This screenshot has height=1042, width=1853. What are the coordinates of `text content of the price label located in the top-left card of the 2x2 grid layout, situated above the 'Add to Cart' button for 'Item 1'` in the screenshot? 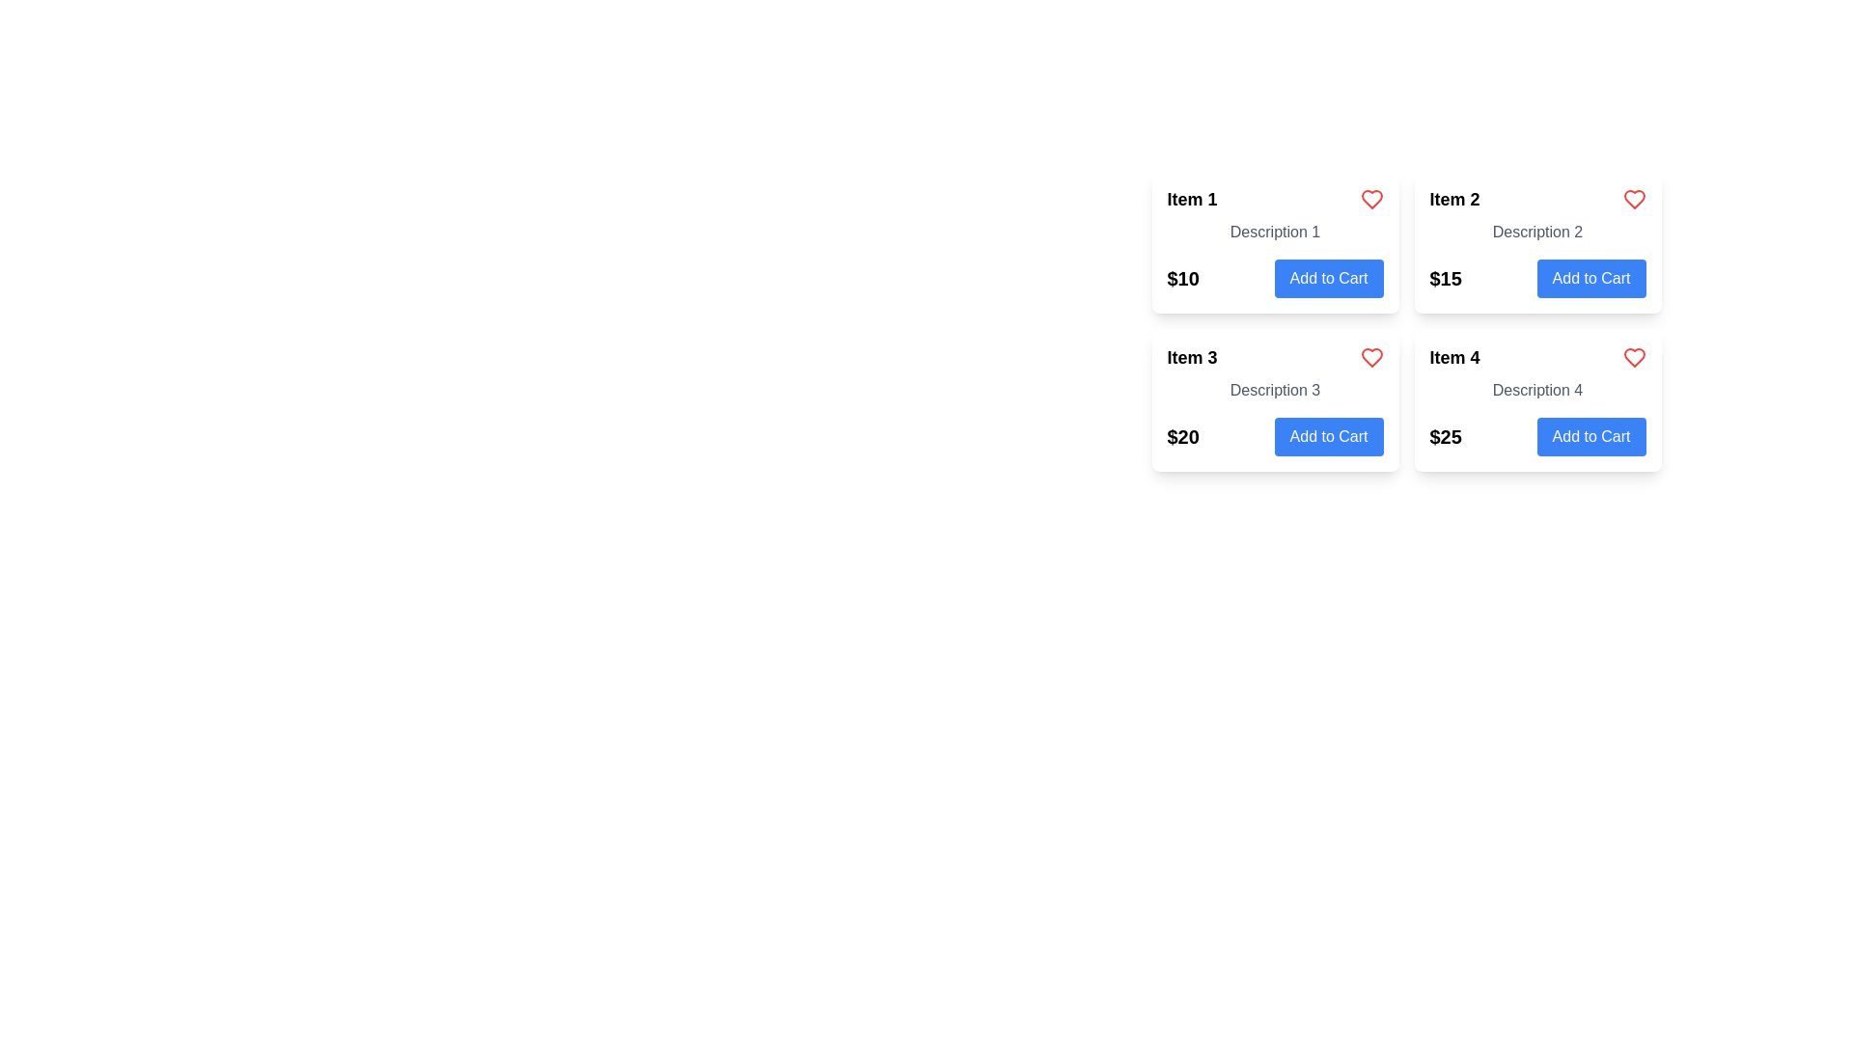 It's located at (1182, 279).